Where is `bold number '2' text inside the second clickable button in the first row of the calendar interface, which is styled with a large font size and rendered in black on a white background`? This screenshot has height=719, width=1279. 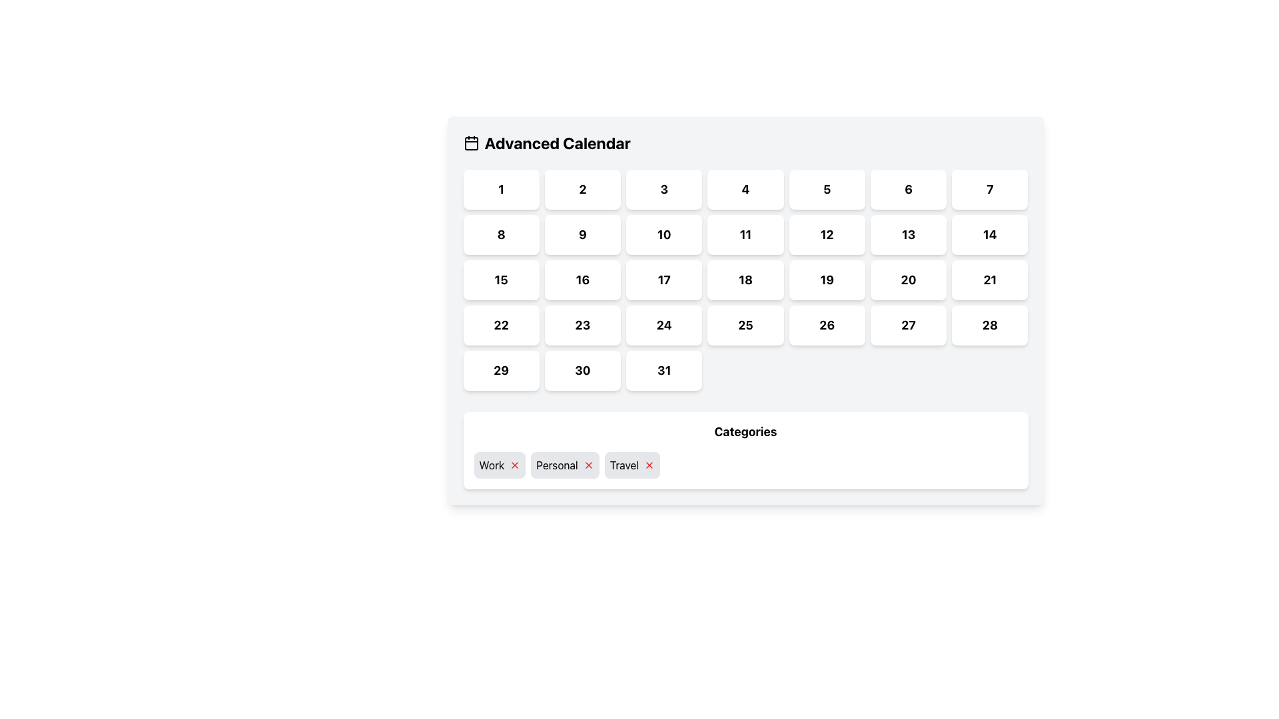
bold number '2' text inside the second clickable button in the first row of the calendar interface, which is styled with a large font size and rendered in black on a white background is located at coordinates (582, 189).